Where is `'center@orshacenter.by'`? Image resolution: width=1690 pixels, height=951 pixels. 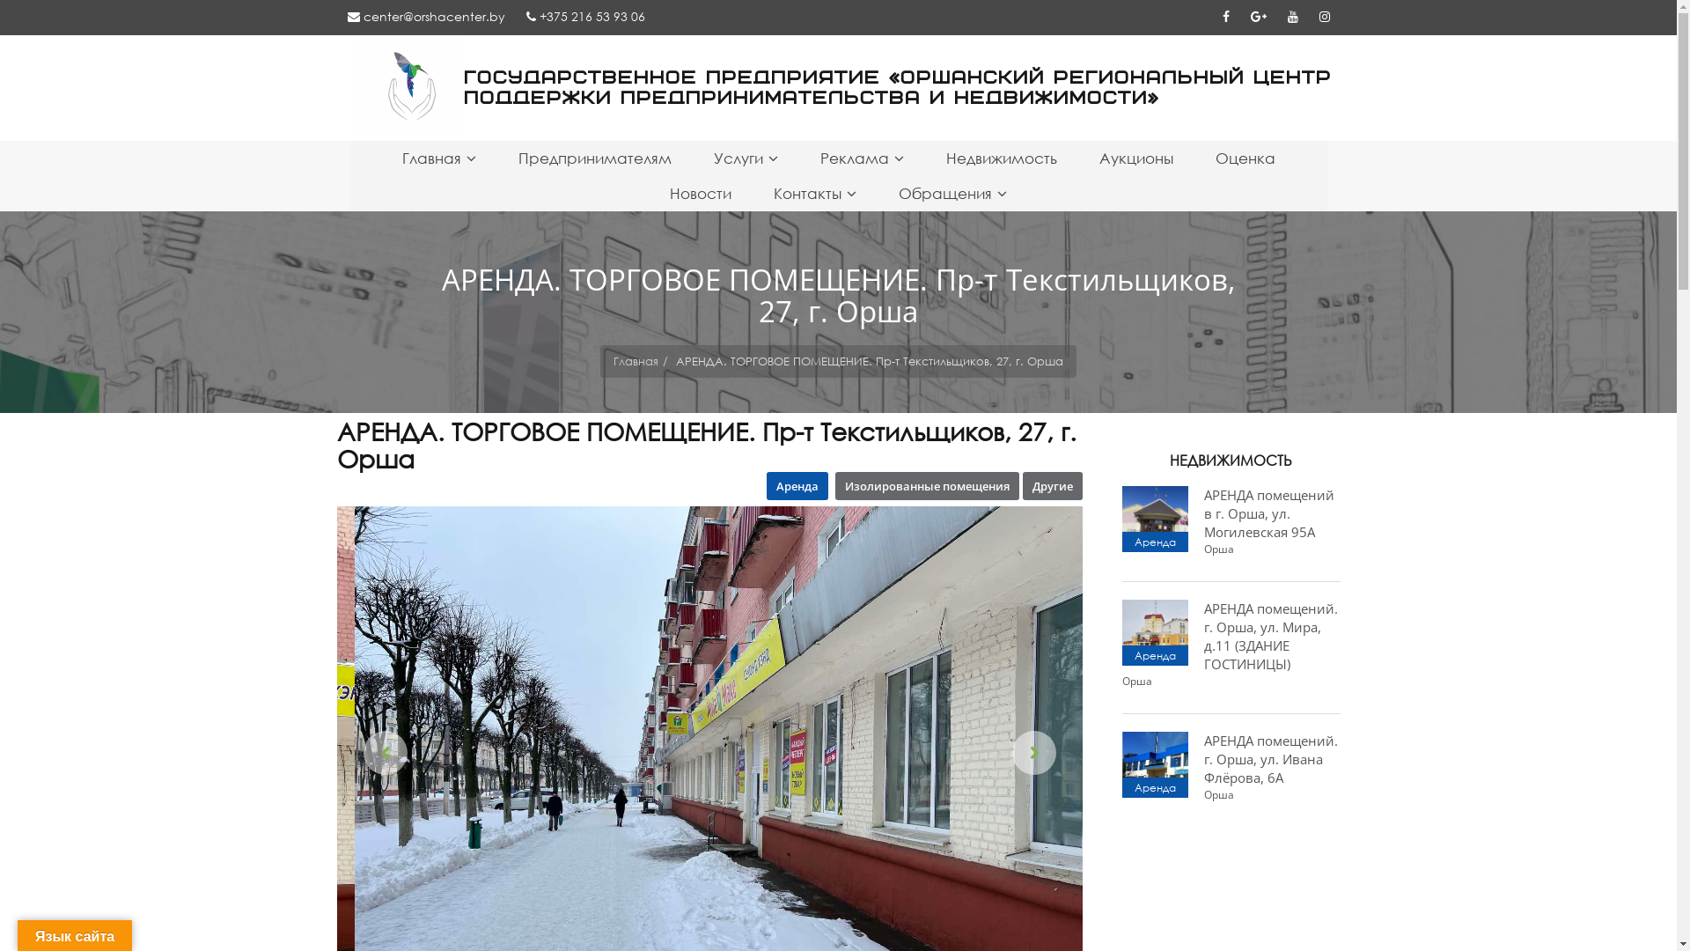
'center@orshacenter.by' is located at coordinates (425, 16).